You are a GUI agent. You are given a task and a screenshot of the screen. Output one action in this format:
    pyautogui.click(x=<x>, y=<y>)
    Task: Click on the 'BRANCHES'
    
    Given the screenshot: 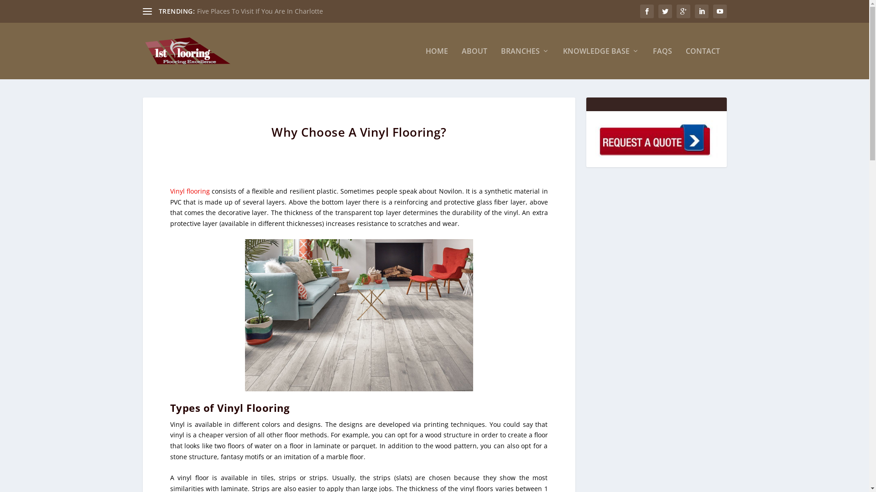 What is the action you would take?
    pyautogui.click(x=525, y=62)
    